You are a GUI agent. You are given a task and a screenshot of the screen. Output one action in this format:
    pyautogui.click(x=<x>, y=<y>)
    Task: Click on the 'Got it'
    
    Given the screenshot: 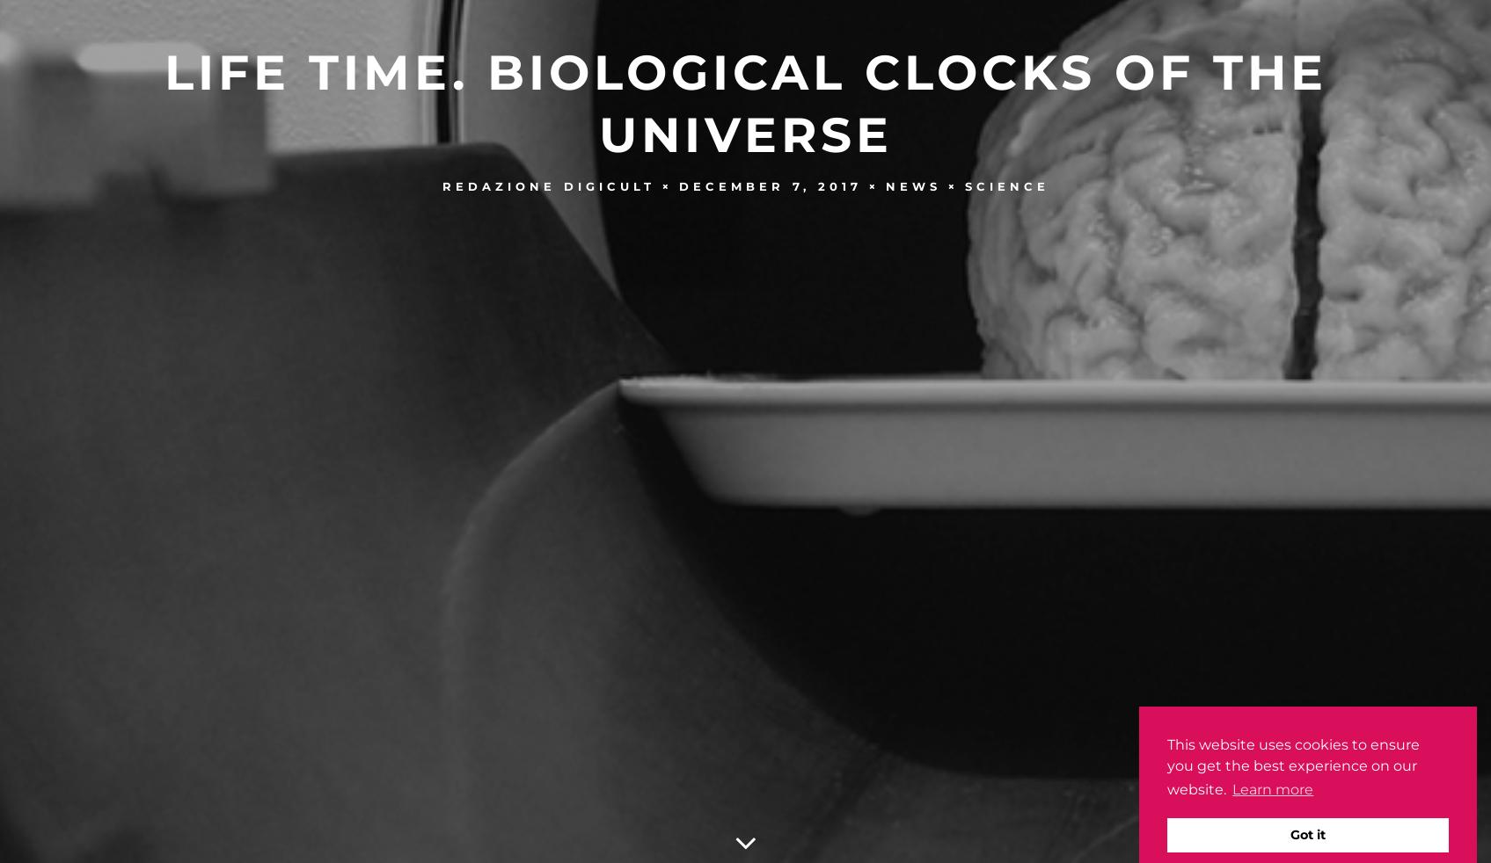 What is the action you would take?
    pyautogui.click(x=1308, y=834)
    